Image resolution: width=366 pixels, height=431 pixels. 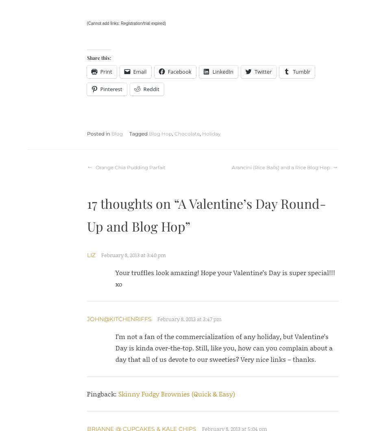 I want to click on '17 thoughts on “', so click(x=131, y=203).